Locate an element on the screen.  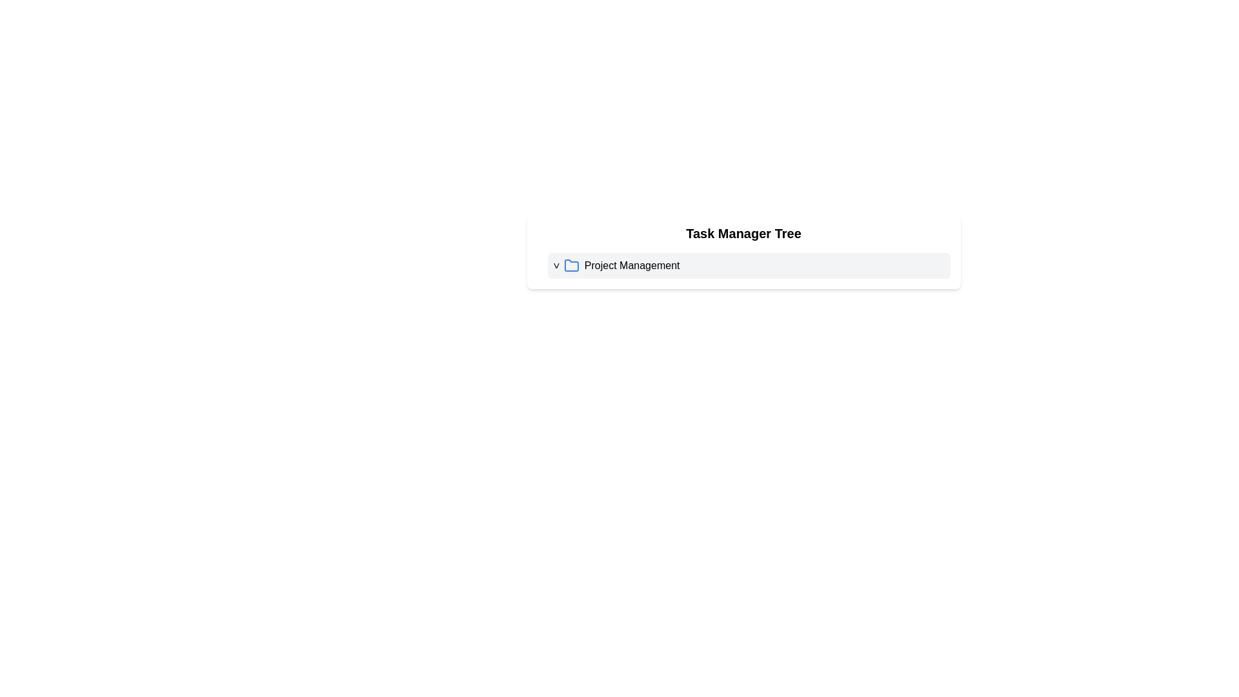
the folder SVG icon located next to the text 'Project Management' to perform related actions with adjacent elements is located at coordinates (570, 265).